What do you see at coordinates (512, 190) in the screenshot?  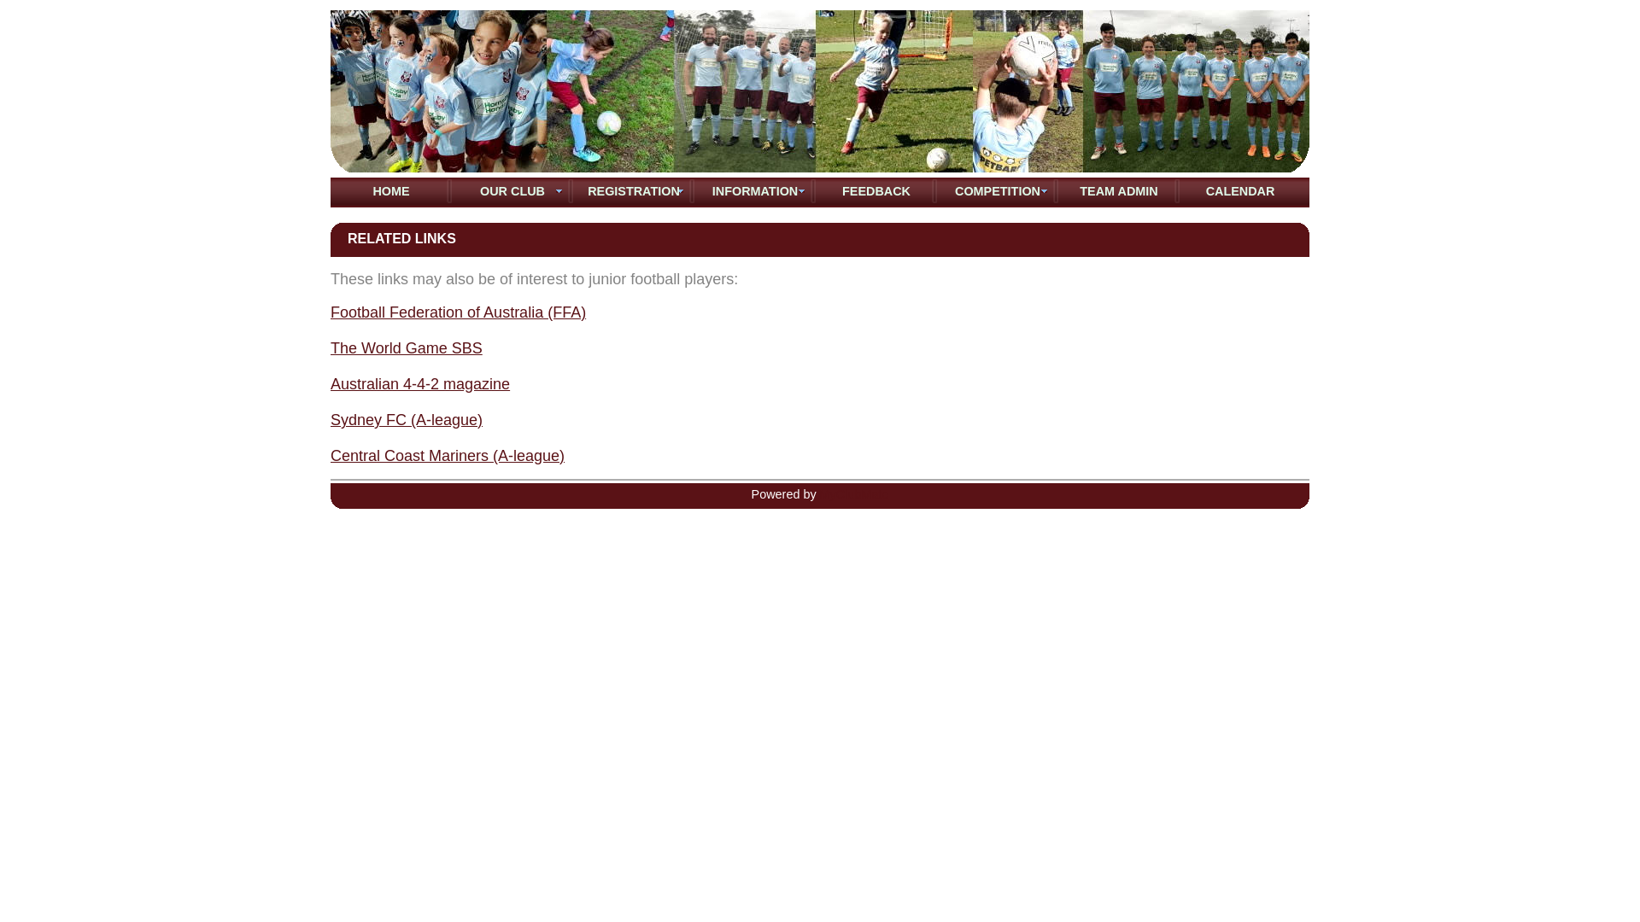 I see `'OUR CLUB'` at bounding box center [512, 190].